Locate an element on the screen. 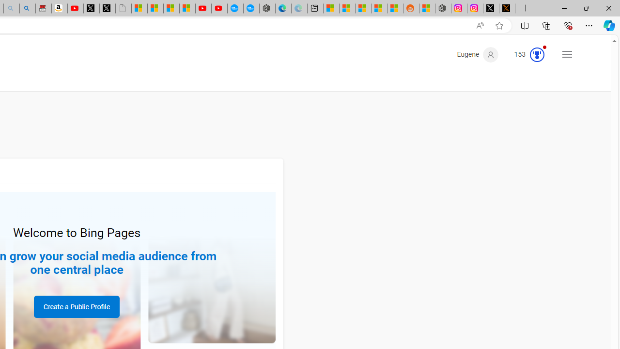  'Day 1: Arriving in Yemen (surreal to be here) - YouTube' is located at coordinates (75, 8).